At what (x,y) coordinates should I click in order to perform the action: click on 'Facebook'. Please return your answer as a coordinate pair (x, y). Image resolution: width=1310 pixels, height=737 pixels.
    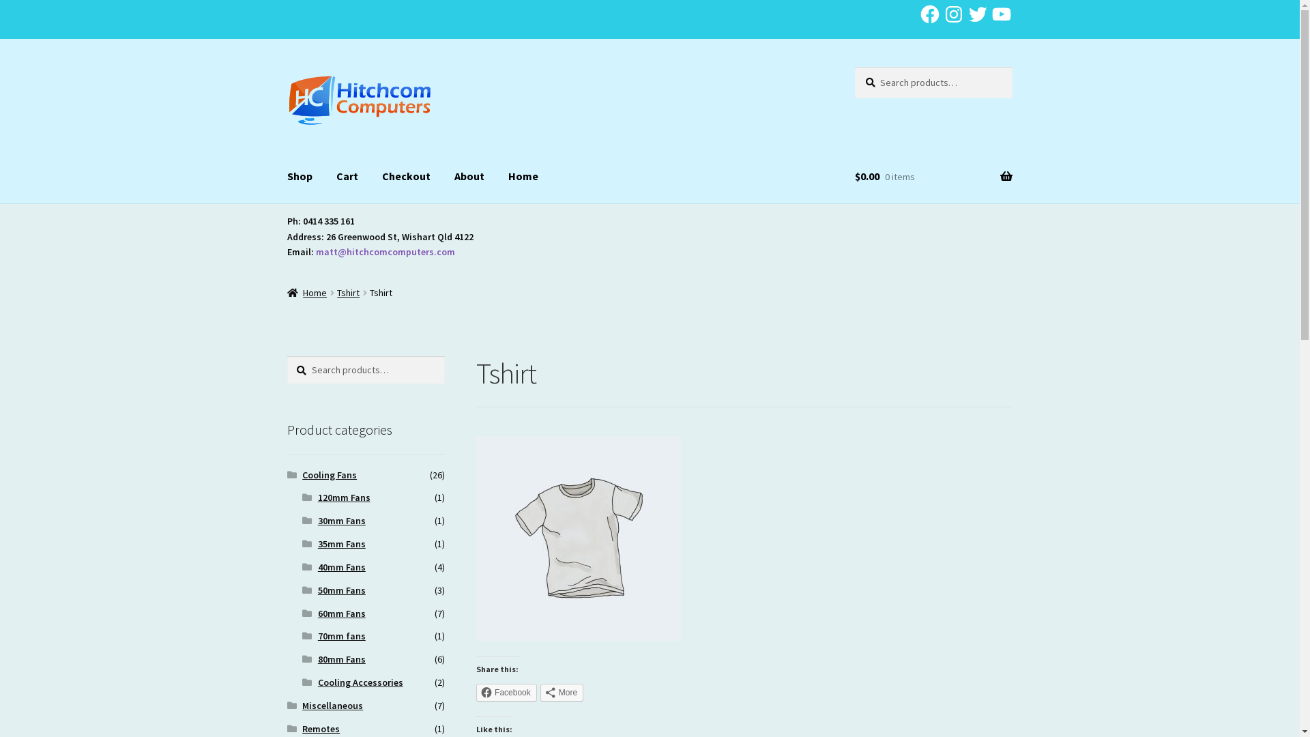
    Looking at the image, I should click on (929, 14).